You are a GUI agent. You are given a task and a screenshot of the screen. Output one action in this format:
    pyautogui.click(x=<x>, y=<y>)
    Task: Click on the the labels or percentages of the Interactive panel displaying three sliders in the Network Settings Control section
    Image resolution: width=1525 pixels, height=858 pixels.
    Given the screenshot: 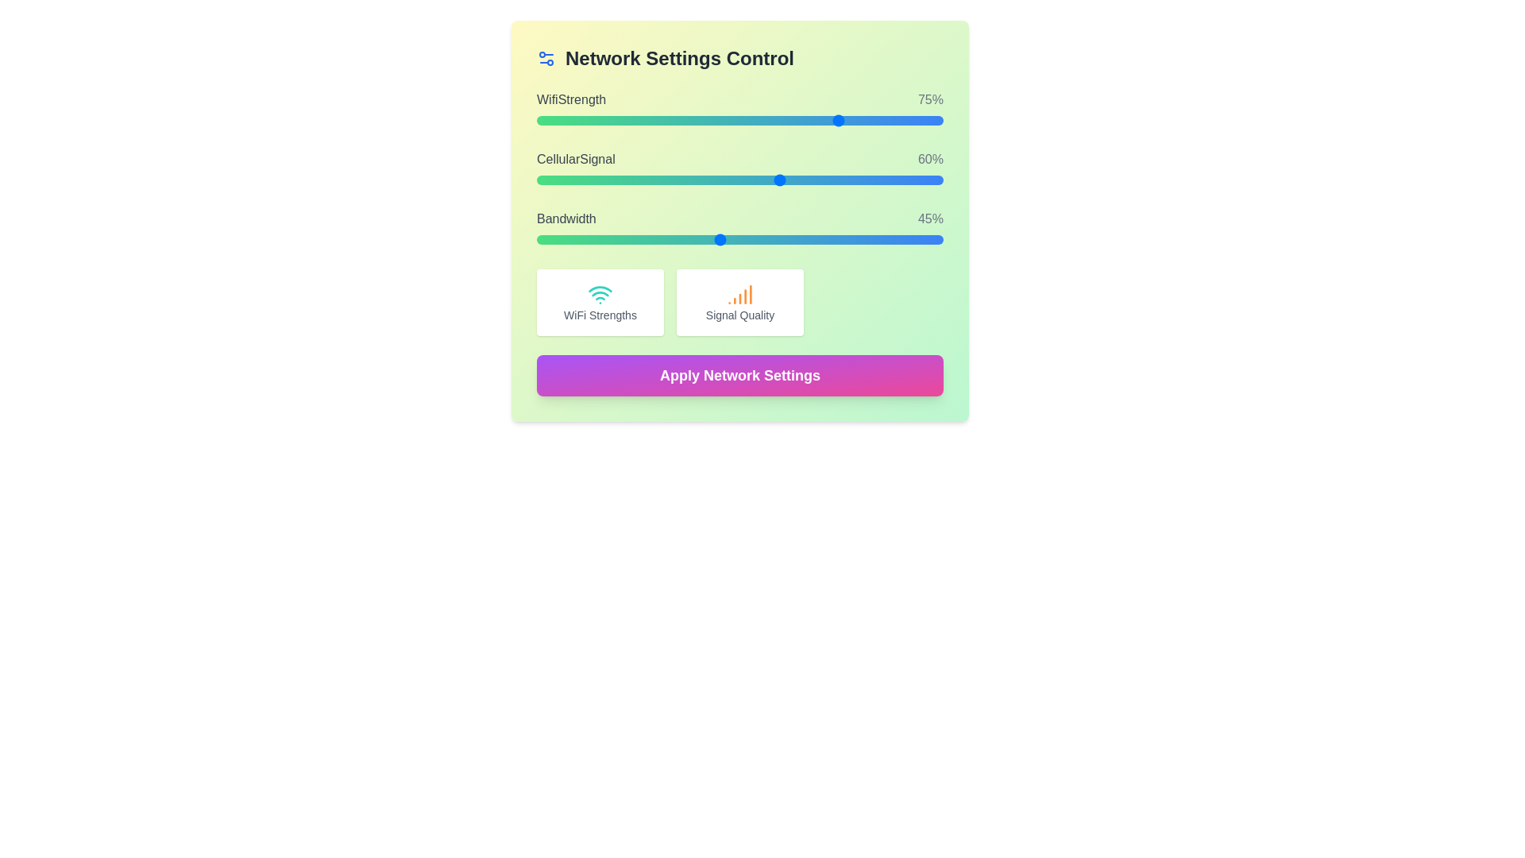 What is the action you would take?
    pyautogui.click(x=739, y=170)
    